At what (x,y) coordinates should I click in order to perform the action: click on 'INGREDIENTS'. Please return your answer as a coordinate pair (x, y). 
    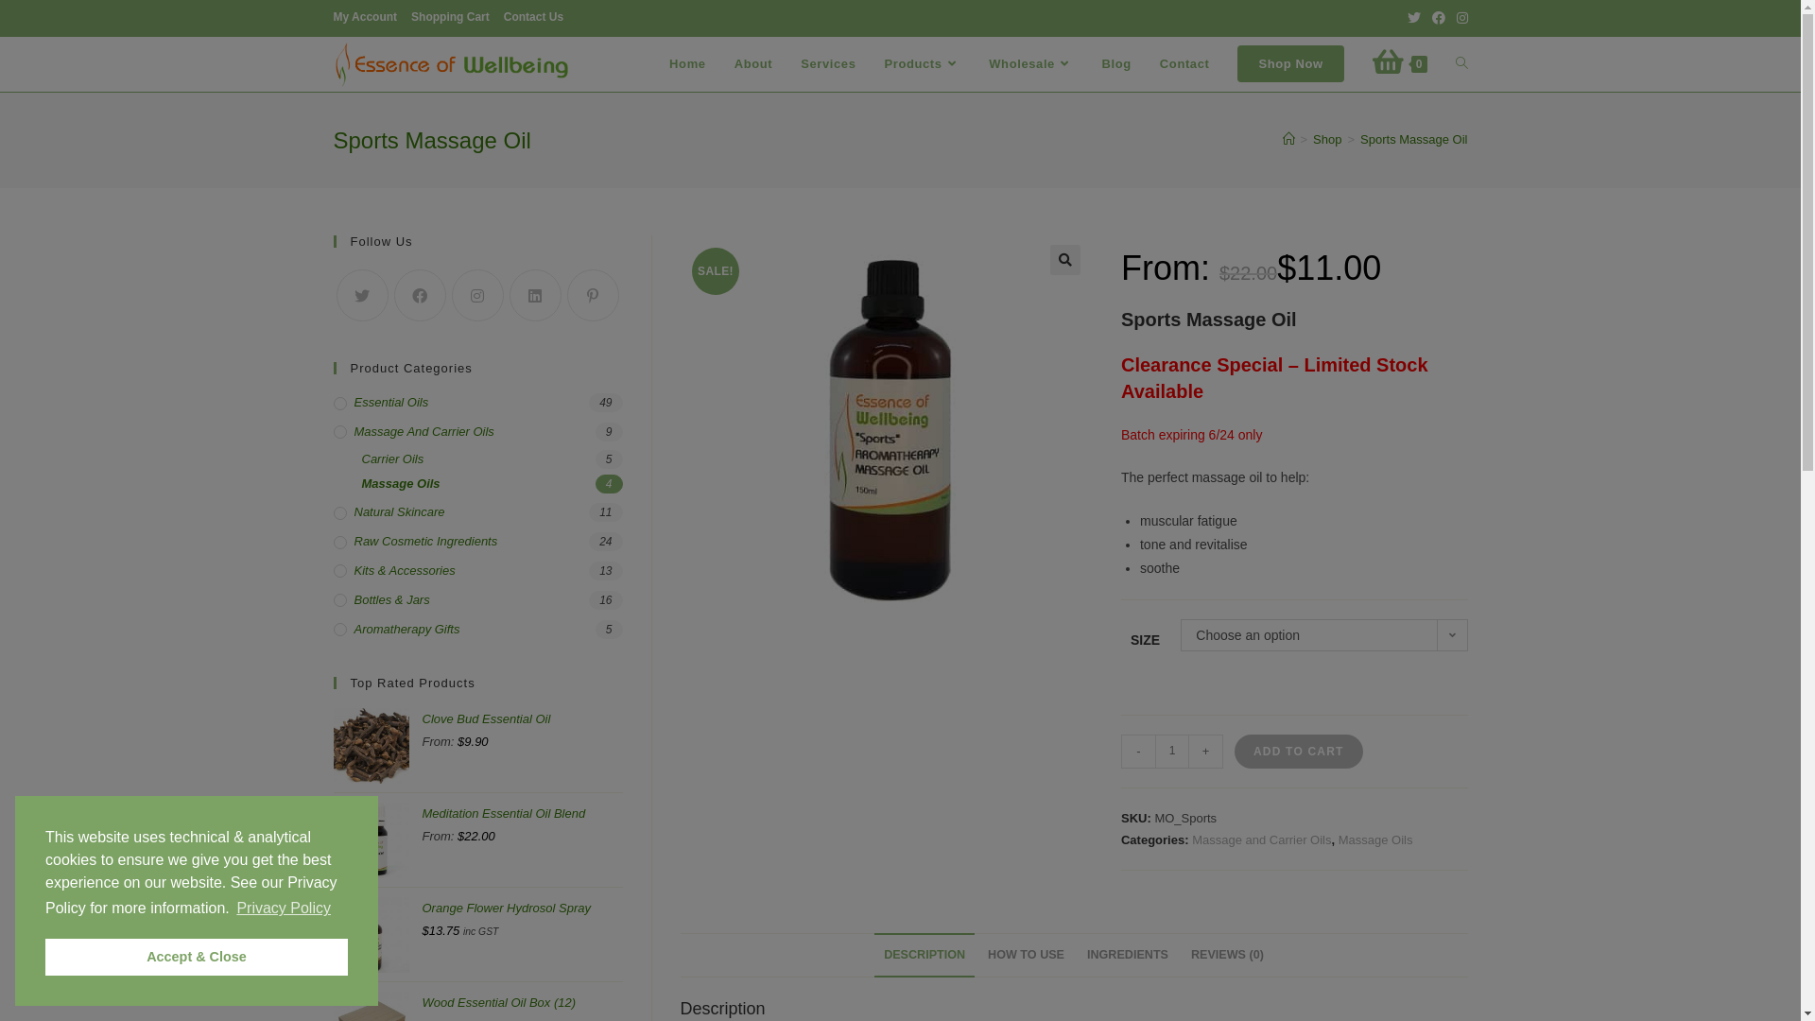
    Looking at the image, I should click on (1078, 955).